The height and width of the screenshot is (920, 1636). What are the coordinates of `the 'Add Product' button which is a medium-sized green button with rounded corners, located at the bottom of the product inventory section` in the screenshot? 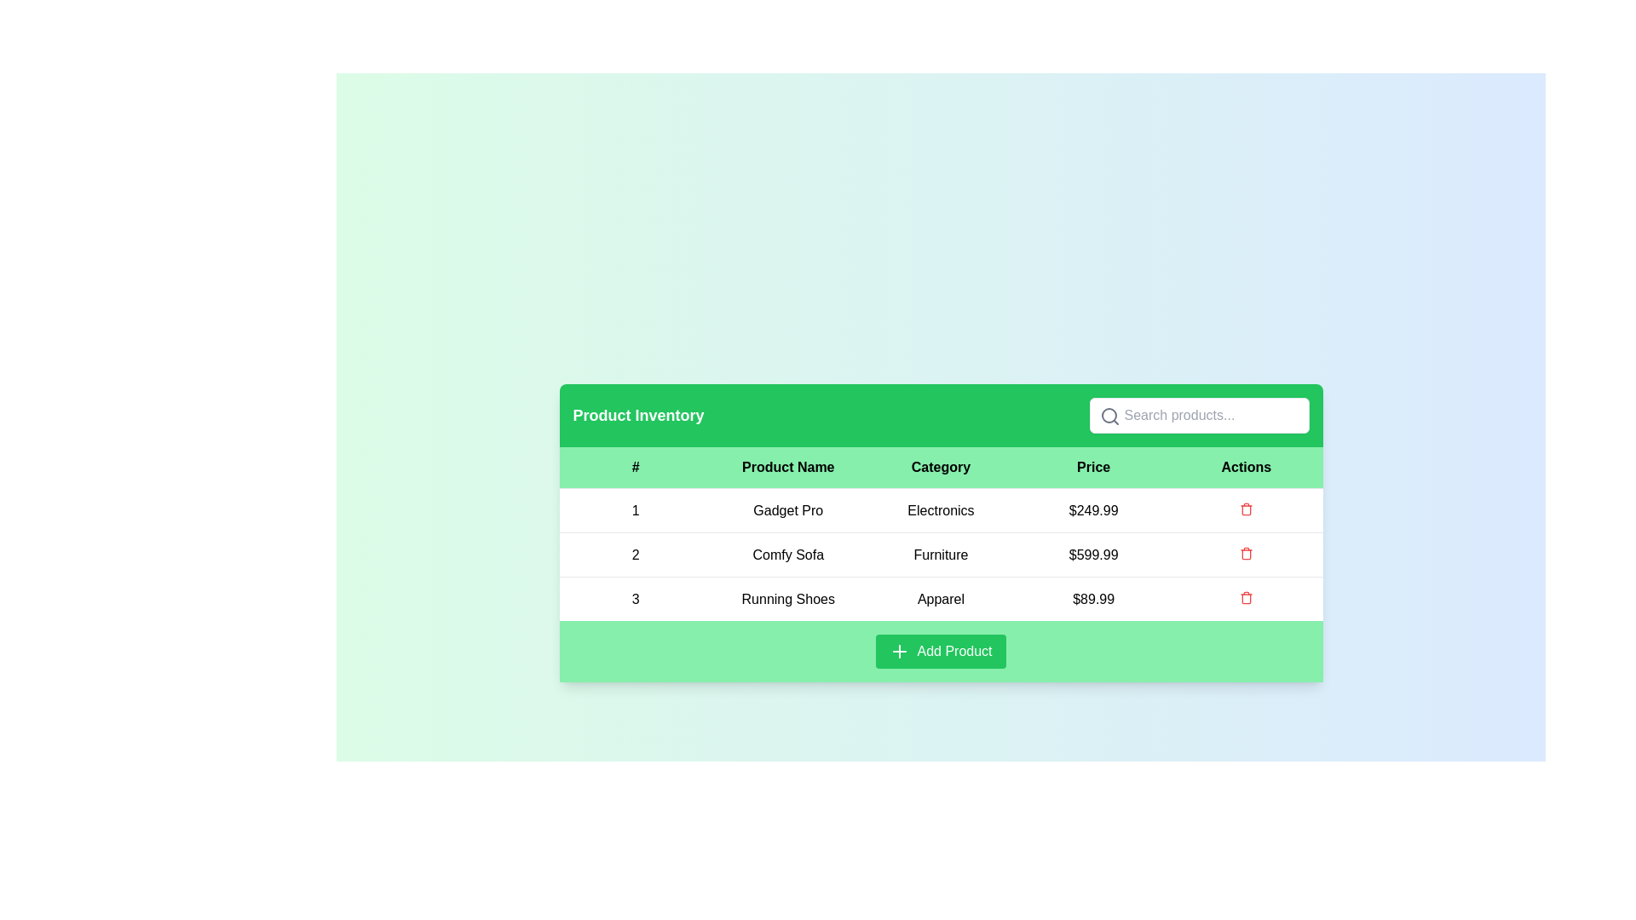 It's located at (940, 651).